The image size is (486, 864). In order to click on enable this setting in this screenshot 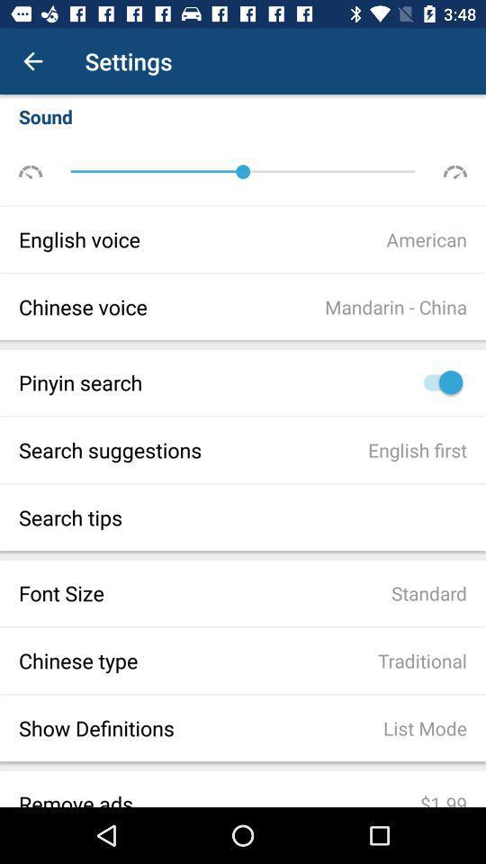, I will do `click(437, 382)`.